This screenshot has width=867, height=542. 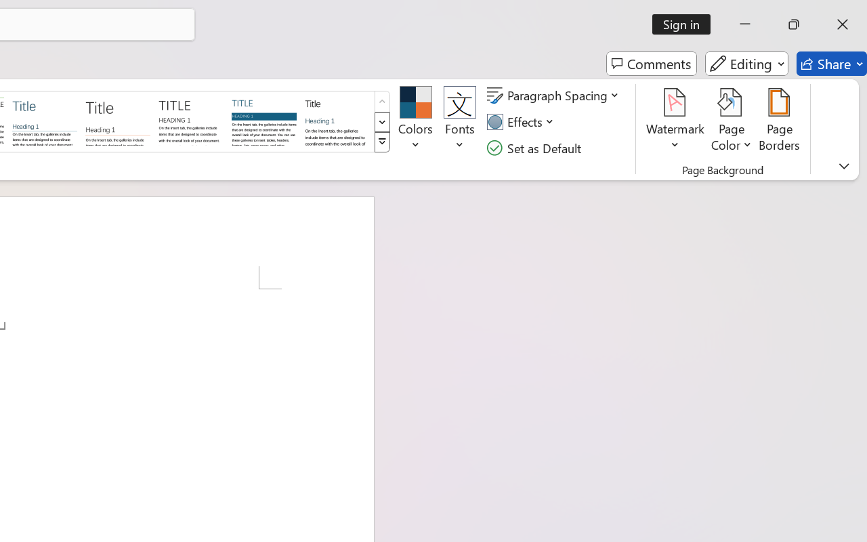 What do you see at coordinates (555, 96) in the screenshot?
I see `'Paragraph Spacing'` at bounding box center [555, 96].